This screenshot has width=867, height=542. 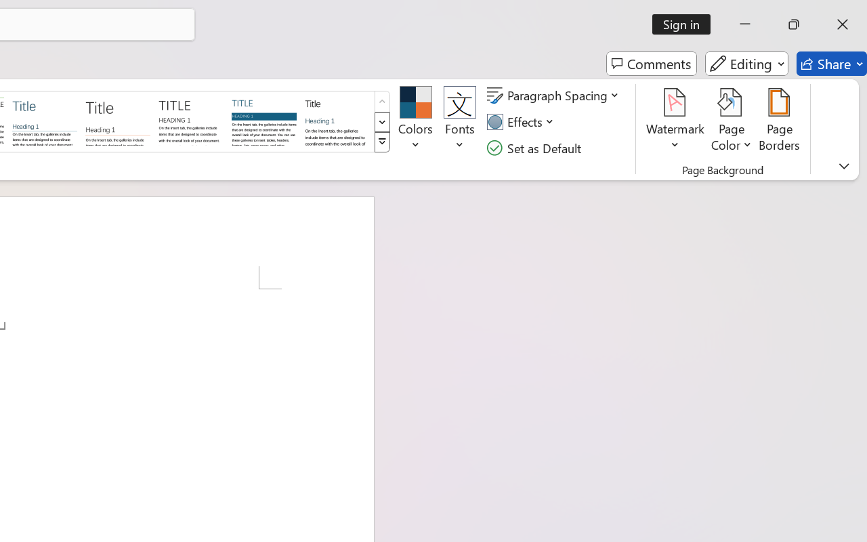 What do you see at coordinates (555, 96) in the screenshot?
I see `'Paragraph Spacing'` at bounding box center [555, 96].